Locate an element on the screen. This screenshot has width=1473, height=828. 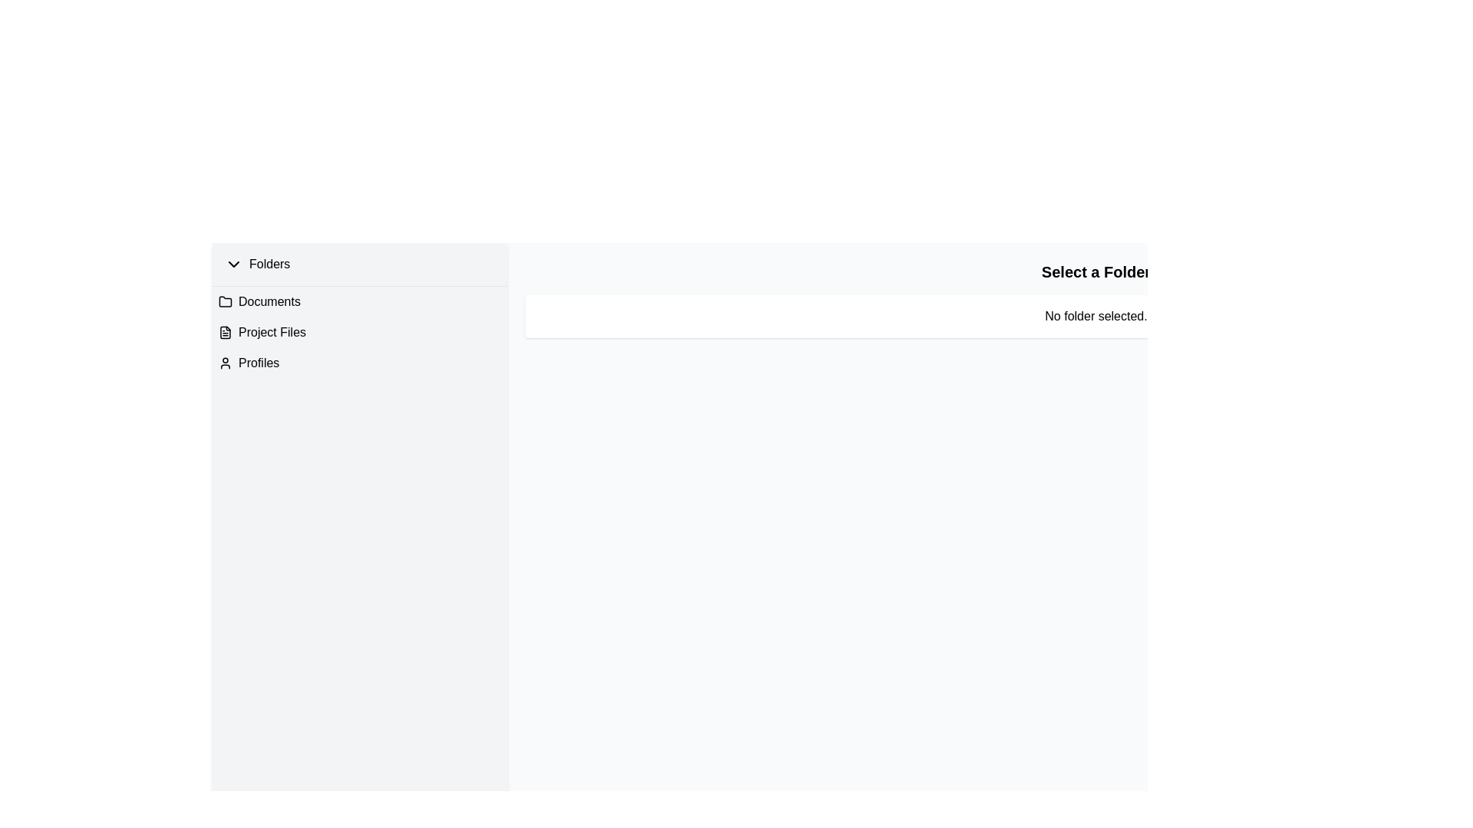
the expand/collapse icon located to the immediate left of the 'Folders' label in the left panel is located at coordinates (233, 263).